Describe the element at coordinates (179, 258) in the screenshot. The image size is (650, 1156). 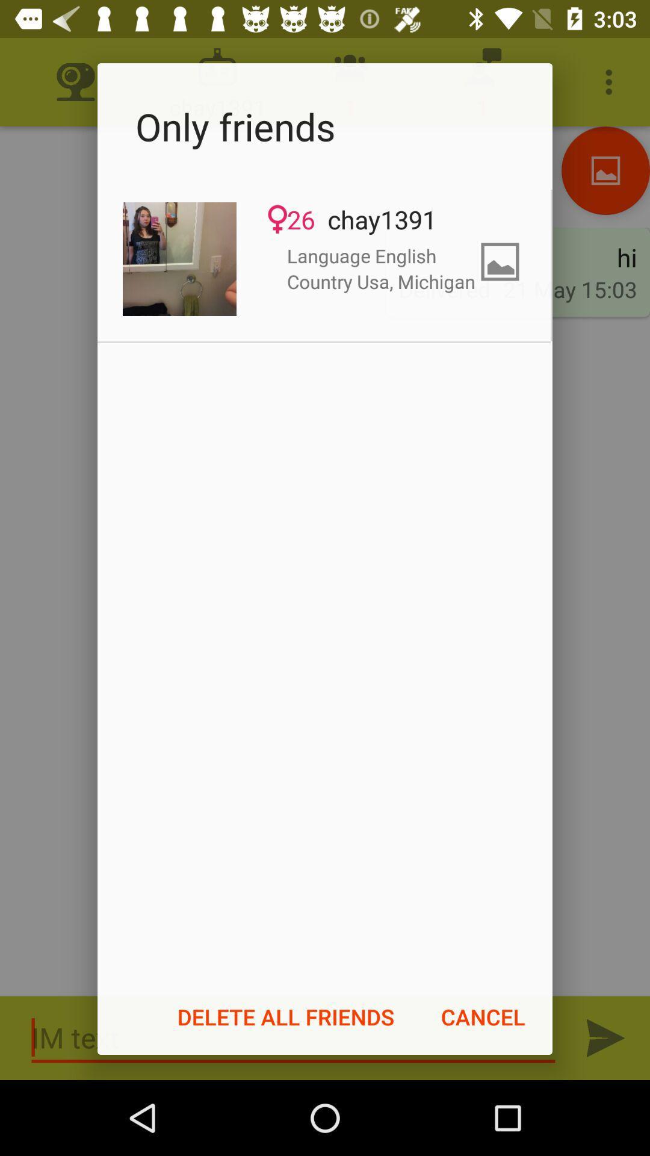
I see `icon above the delete all friends icon` at that location.